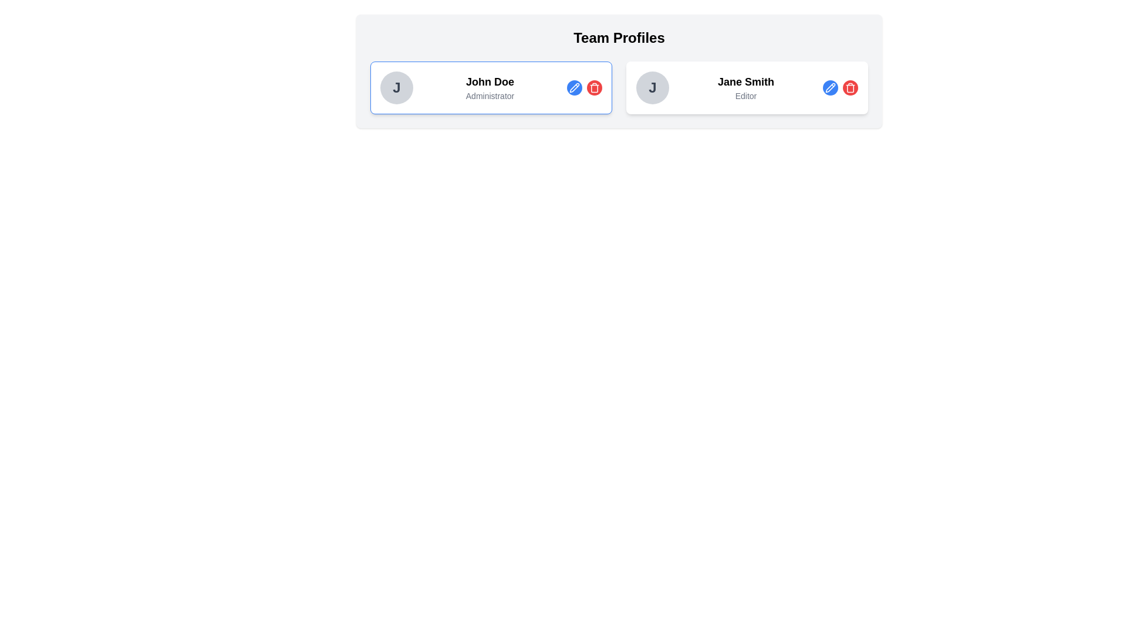 The width and height of the screenshot is (1127, 633). I want to click on the pencil icon button for Jane Smith's profile, so click(830, 87).